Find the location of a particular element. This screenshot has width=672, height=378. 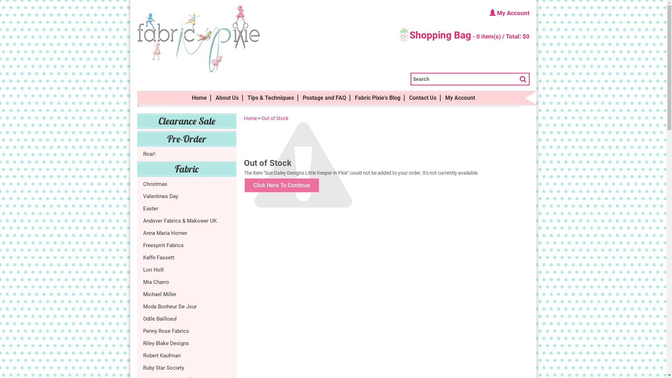

'Michael Miller' is located at coordinates (142, 294).